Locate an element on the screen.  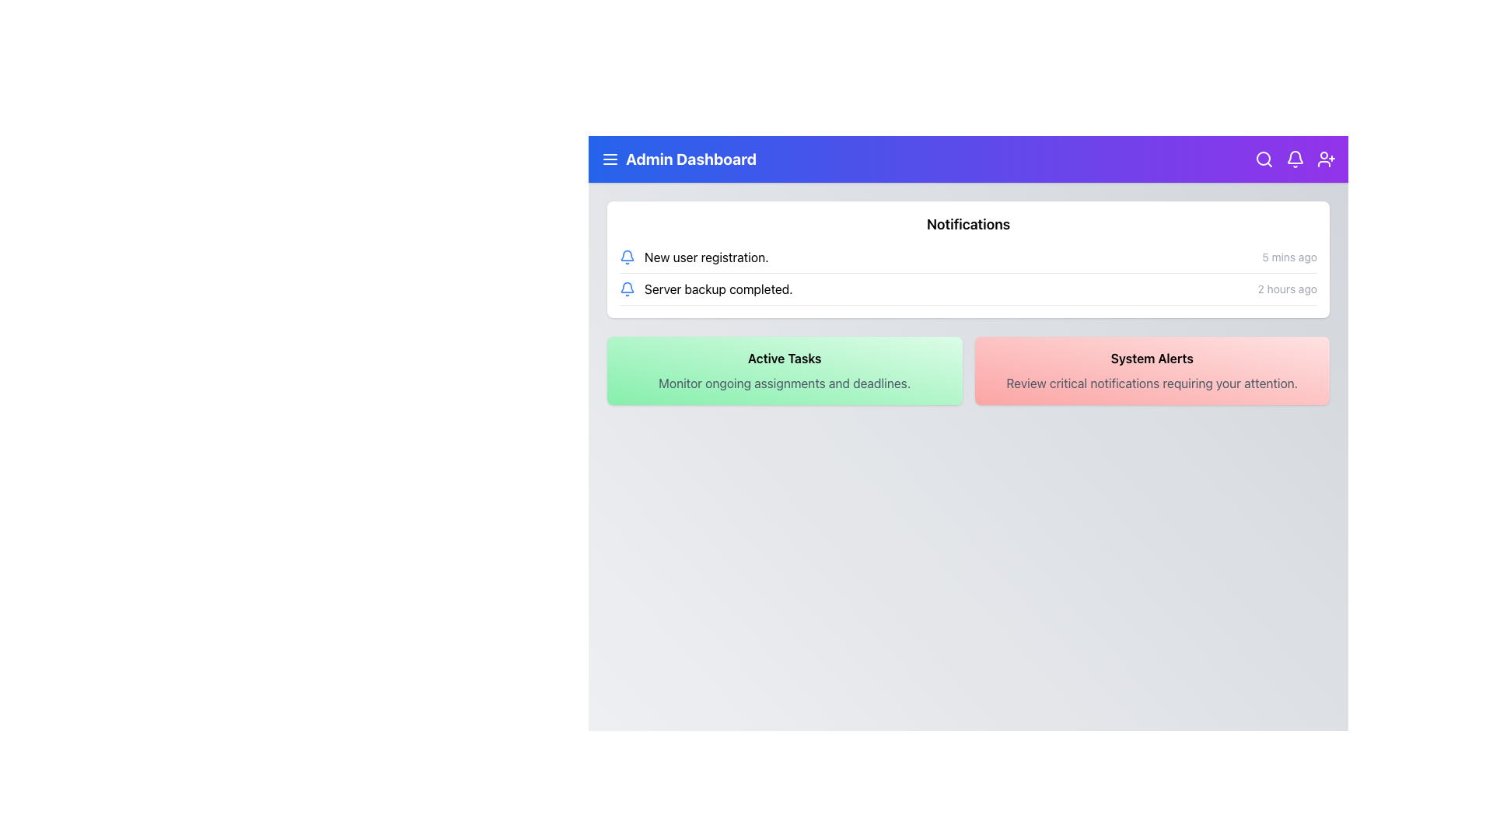
the bell icon button located in the top-right corner of the interface is located at coordinates (1295, 159).